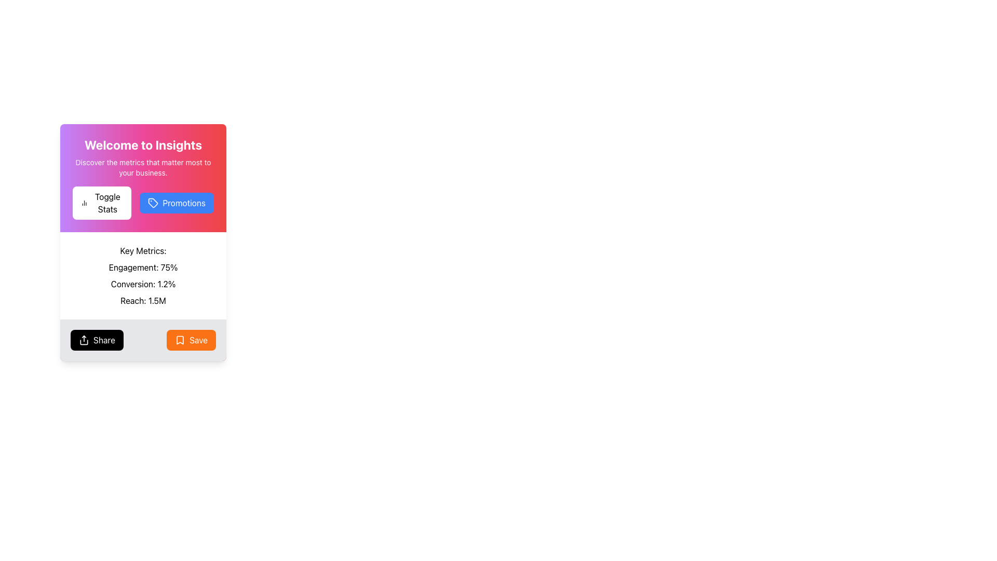 Image resolution: width=997 pixels, height=561 pixels. Describe the element at coordinates (177, 203) in the screenshot. I see `the blue 'Promotions' button, which has a white tag-shaped icon on the left and is positioned to the right of the 'Toggle Stats' button` at that location.